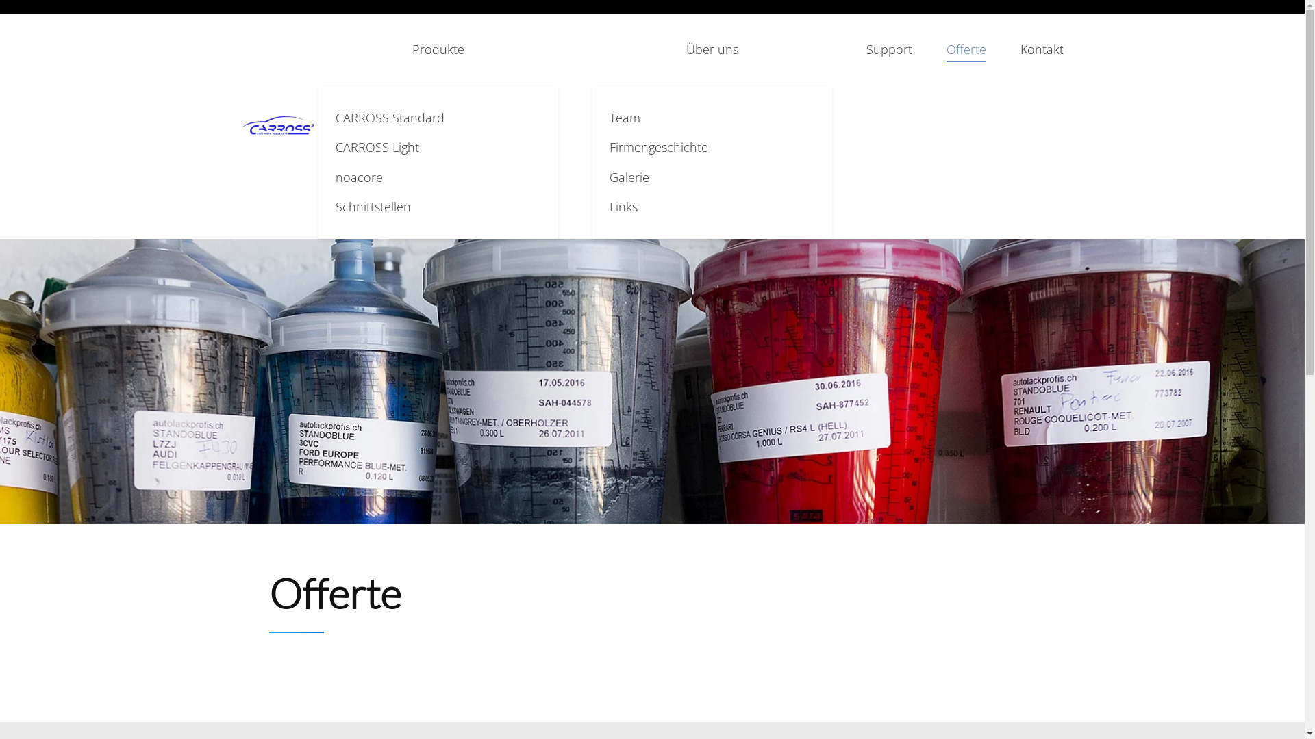 Image resolution: width=1315 pixels, height=739 pixels. I want to click on 'CARROSS Standard', so click(437, 117).